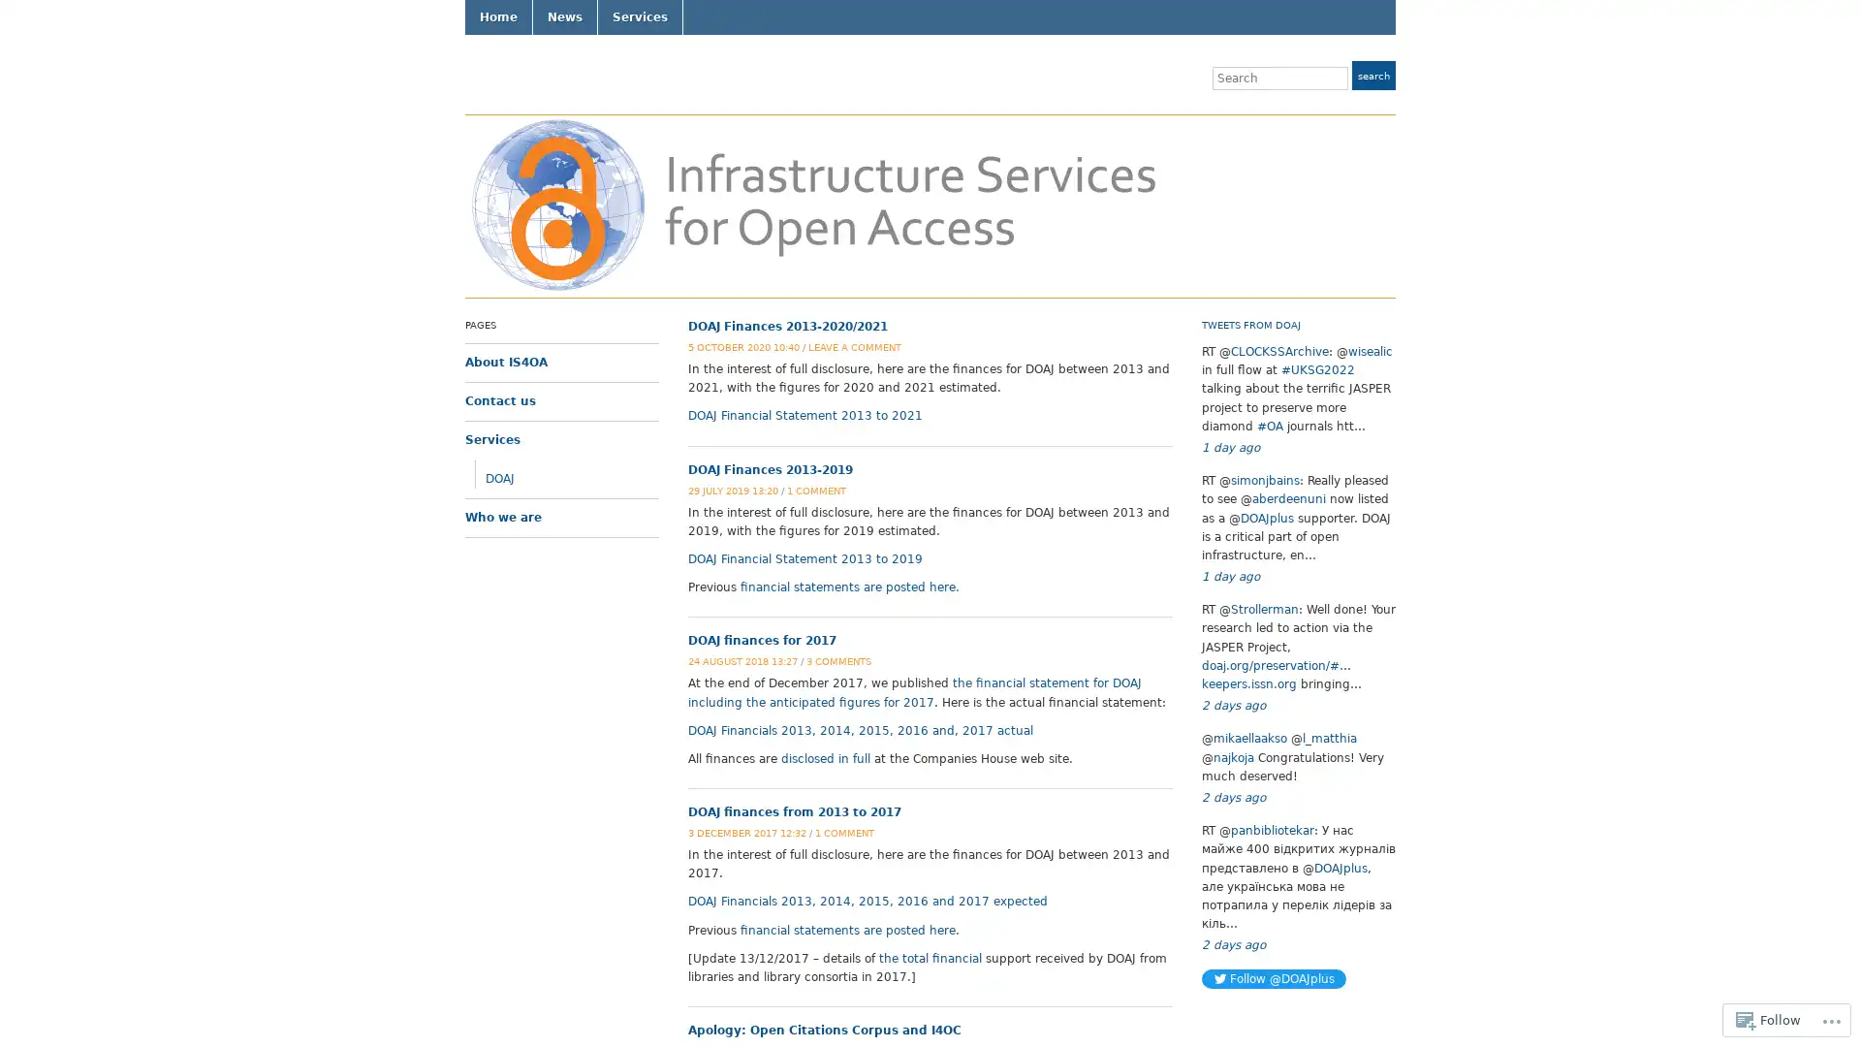 The image size is (1861, 1047). I want to click on search, so click(1372, 74).